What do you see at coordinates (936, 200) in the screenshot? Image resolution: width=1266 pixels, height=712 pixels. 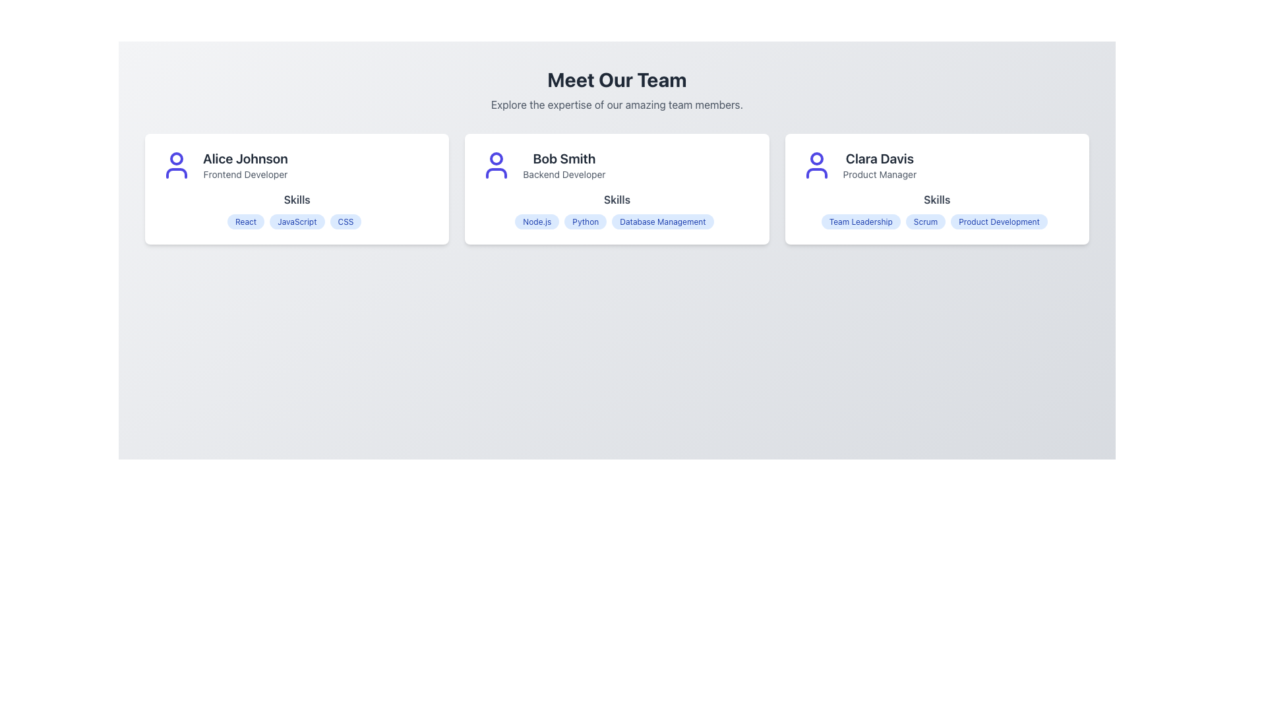 I see `the text label indicating the beginning of the skills section for 'Clara Davis', positioned at the top-center of the third card from the left` at bounding box center [936, 200].